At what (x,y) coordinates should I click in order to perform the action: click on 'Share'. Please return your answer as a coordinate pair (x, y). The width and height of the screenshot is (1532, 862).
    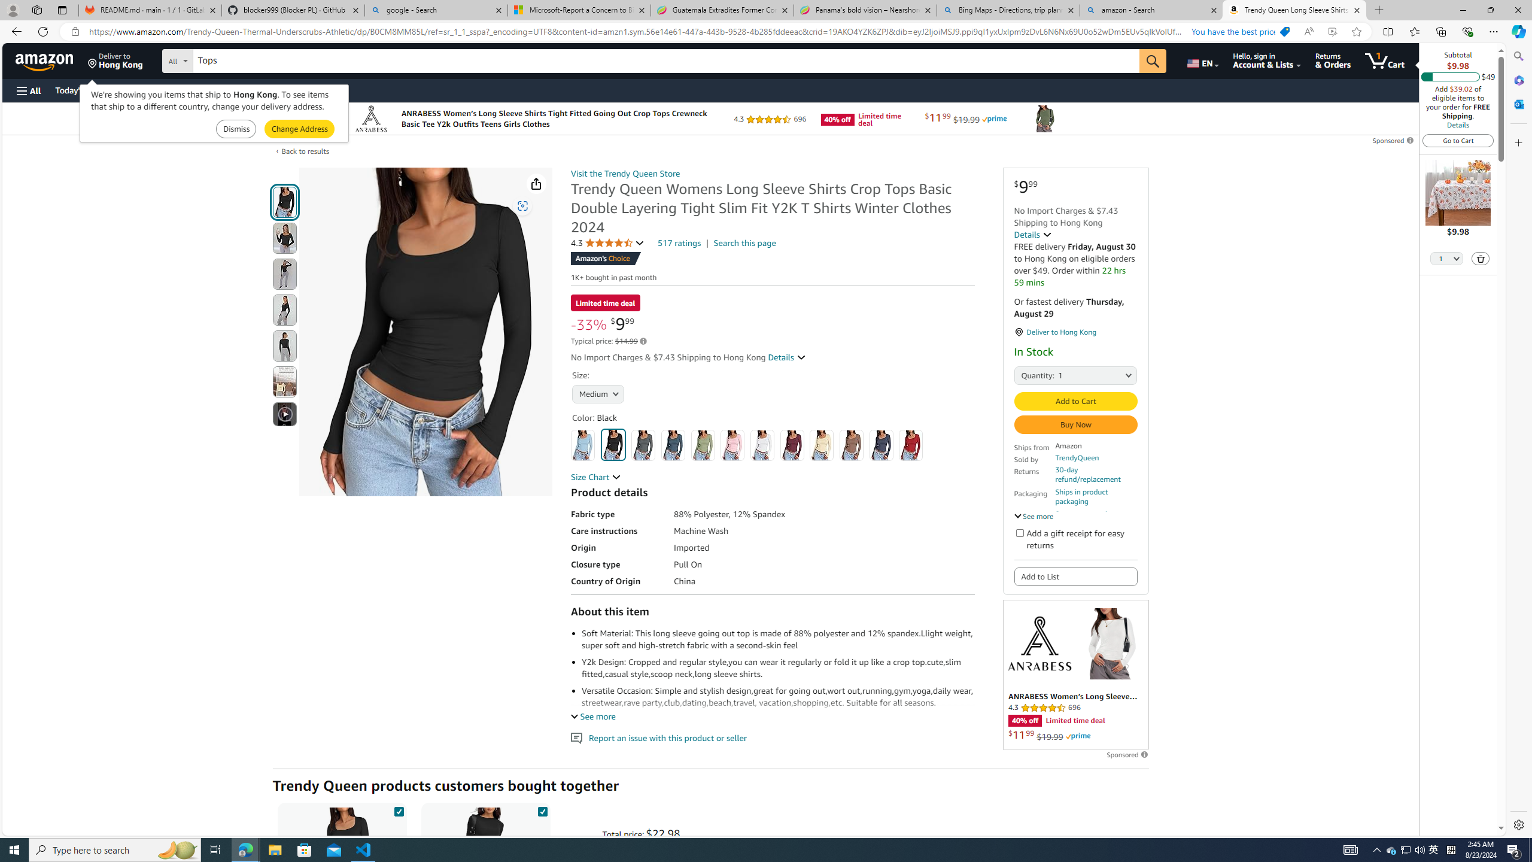
    Looking at the image, I should click on (536, 183).